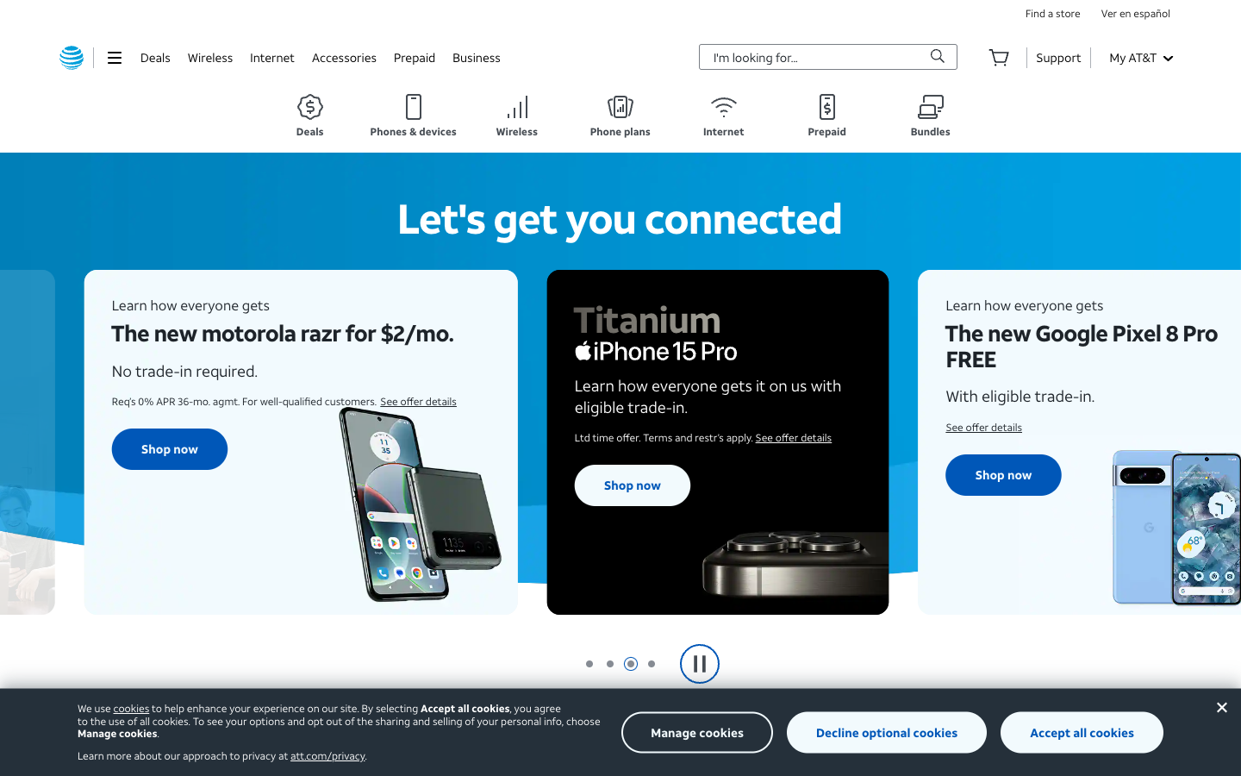  I want to click on Explore different phone packages, so click(620, 116).